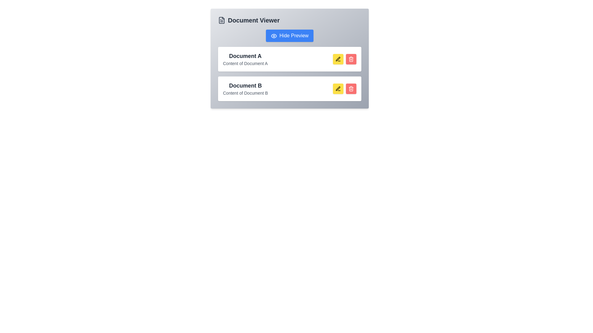 Image resolution: width=593 pixels, height=333 pixels. Describe the element at coordinates (245, 56) in the screenshot. I see `the static text label 'Document A' which is styled with bold and larger font size, located at the top of a card layout within the 'Document Viewer'` at that location.